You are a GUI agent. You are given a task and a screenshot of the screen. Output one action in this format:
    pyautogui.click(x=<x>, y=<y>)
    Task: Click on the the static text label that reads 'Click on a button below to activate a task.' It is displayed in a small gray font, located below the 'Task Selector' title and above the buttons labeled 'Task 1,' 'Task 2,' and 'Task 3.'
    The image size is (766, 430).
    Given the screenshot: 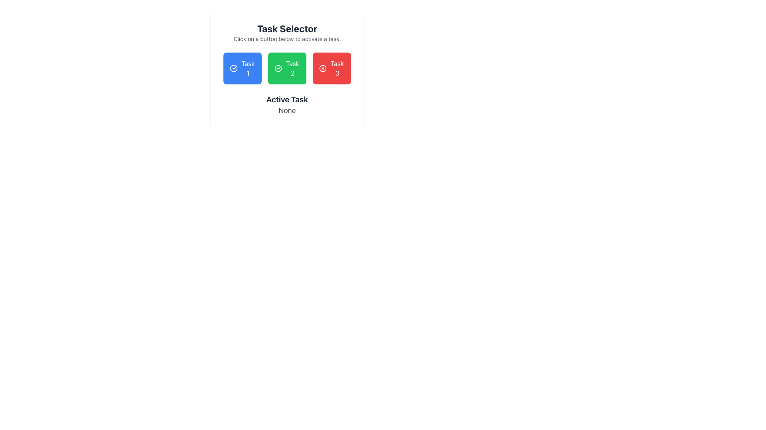 What is the action you would take?
    pyautogui.click(x=287, y=39)
    